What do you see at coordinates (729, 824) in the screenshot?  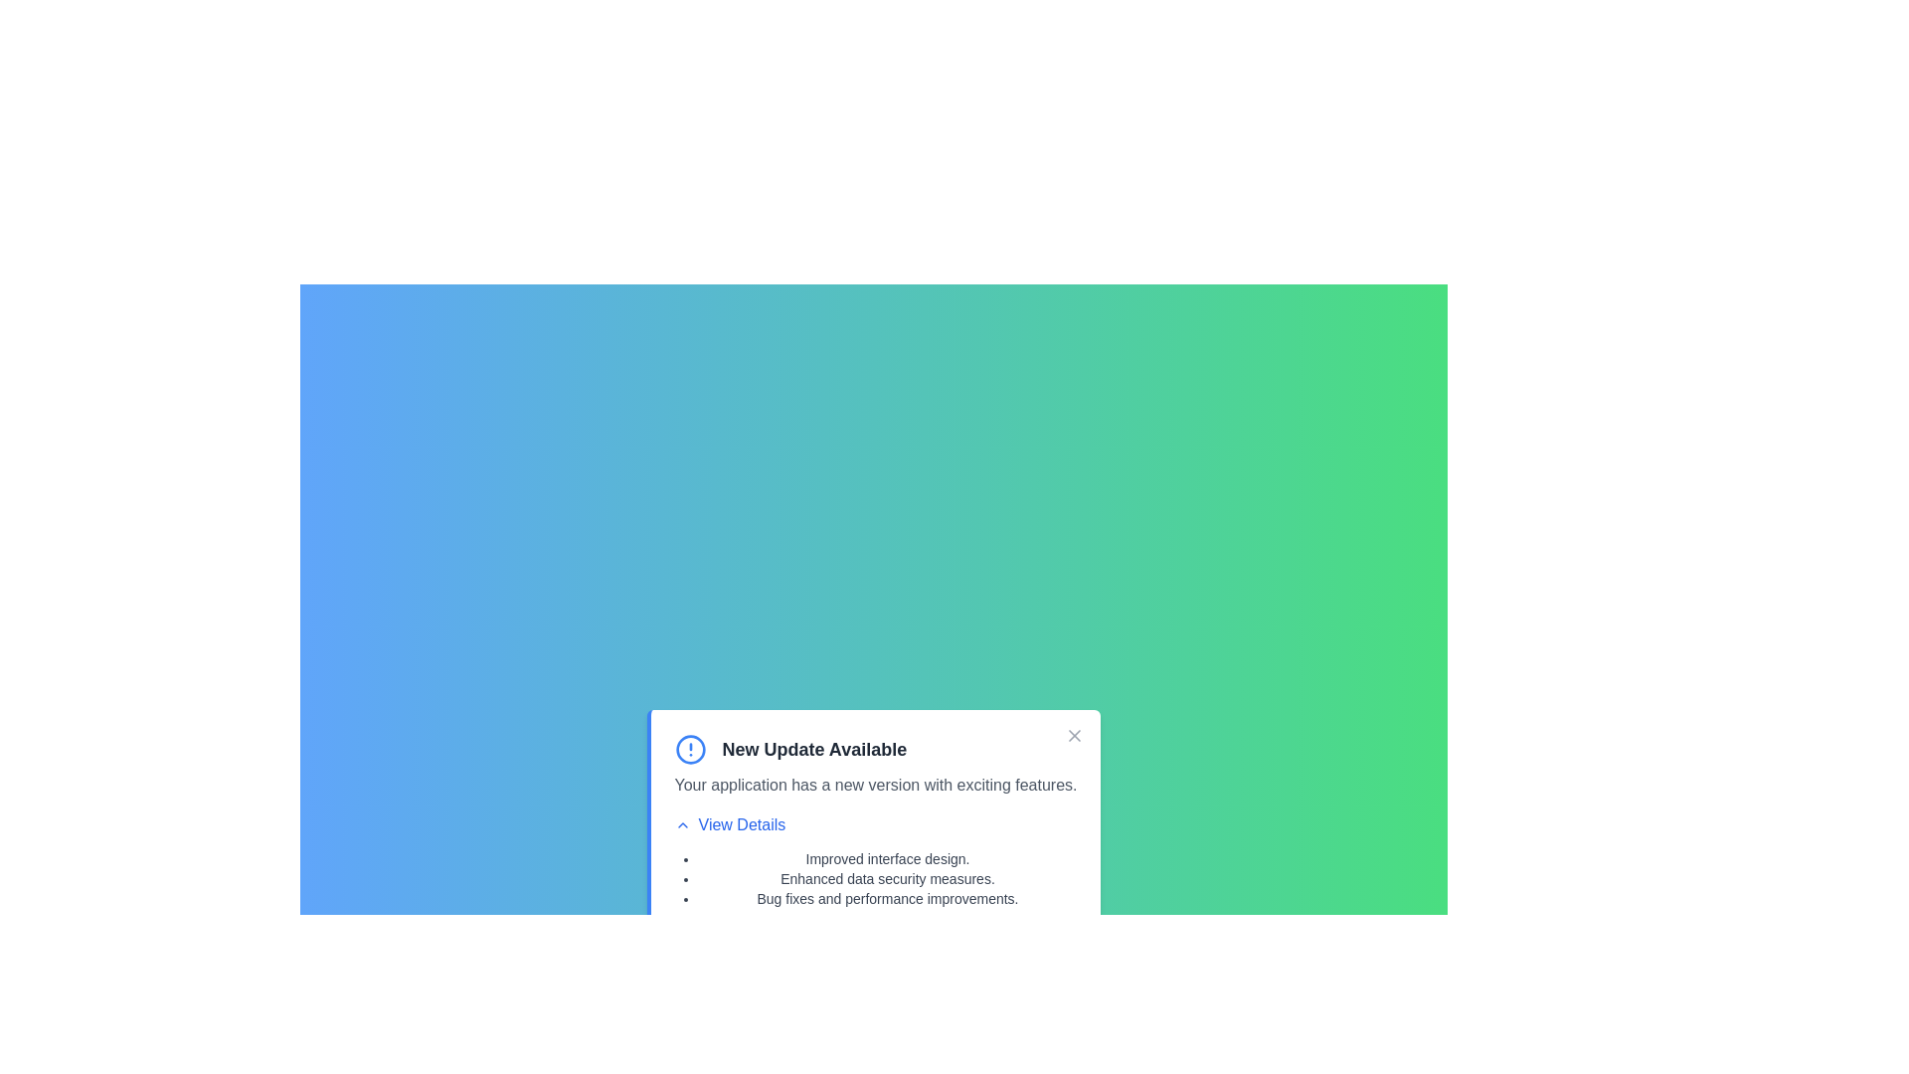 I see `the 'View Details' button to toggle the visibility of the detailed information` at bounding box center [729, 824].